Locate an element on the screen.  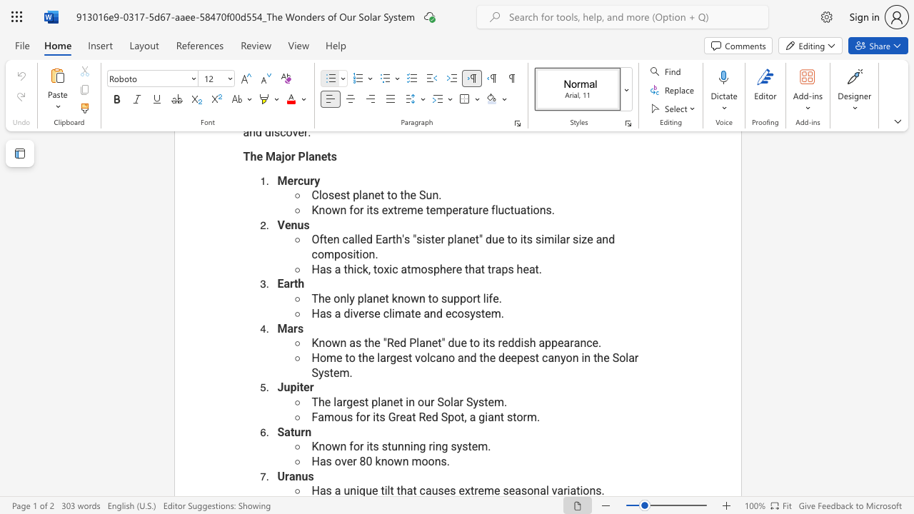
the 1th character "i" in the text is located at coordinates (351, 313).